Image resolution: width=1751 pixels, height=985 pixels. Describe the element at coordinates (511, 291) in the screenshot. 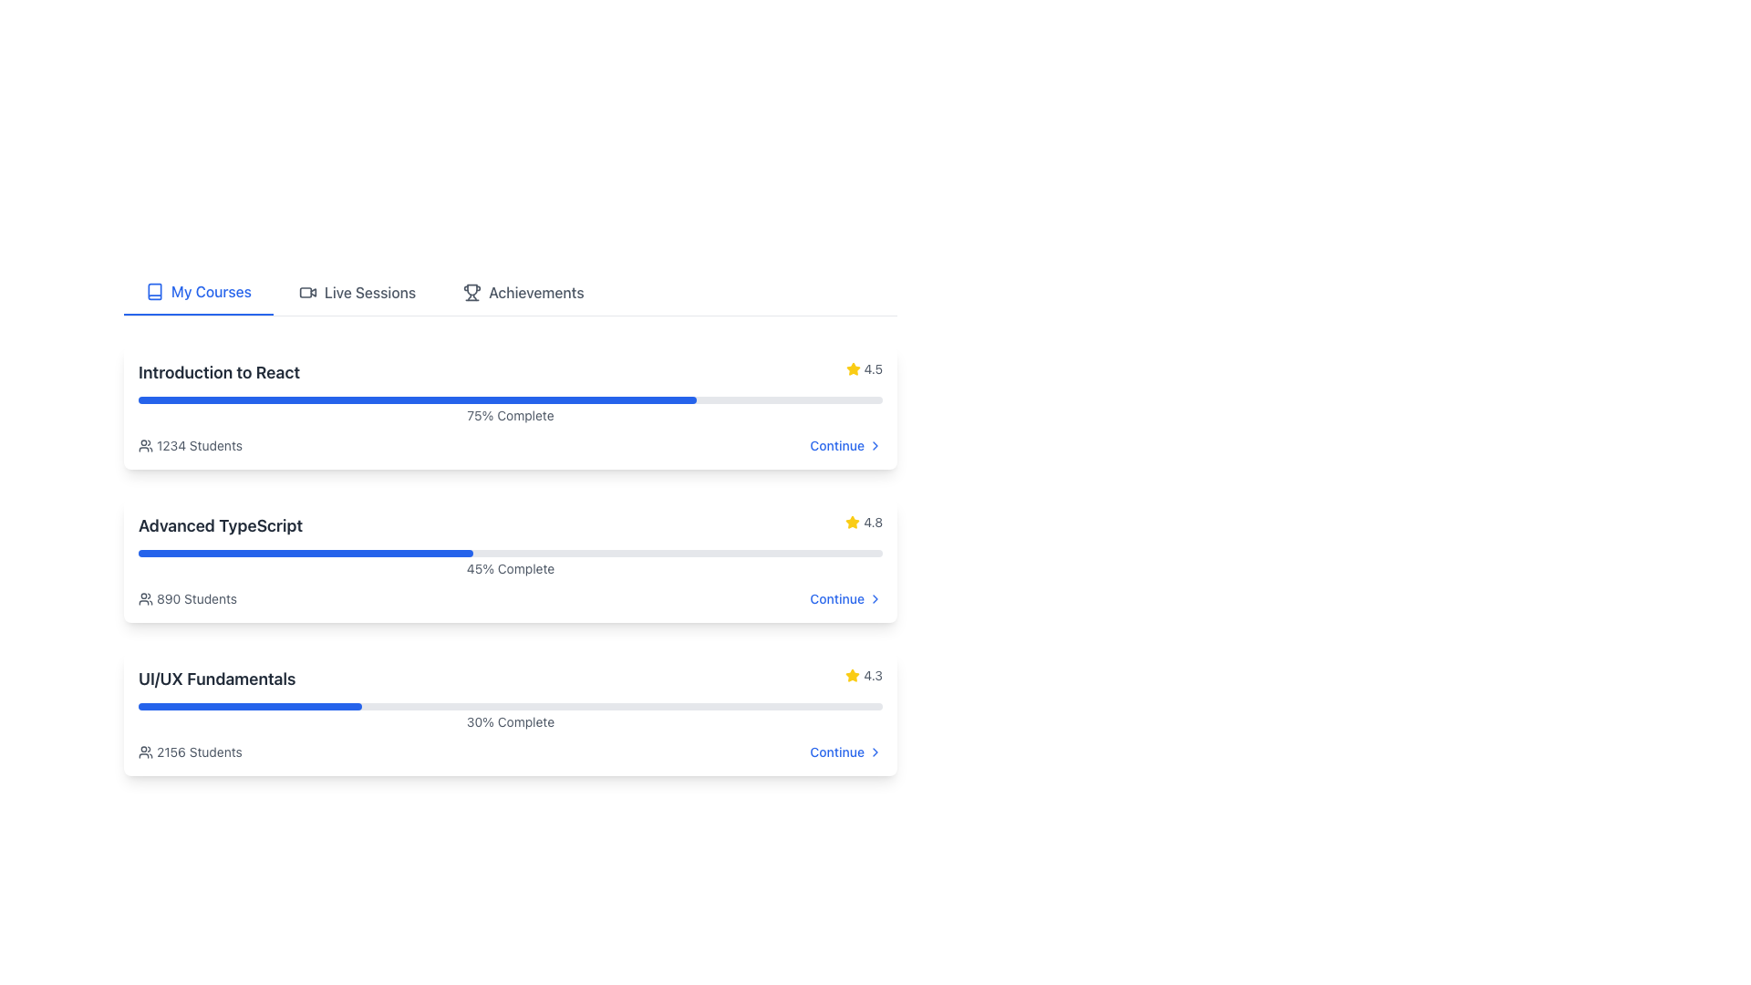

I see `the Interactive Tab for achievements, which is the third tab in the horizontal navigation menu, to change its color` at that location.